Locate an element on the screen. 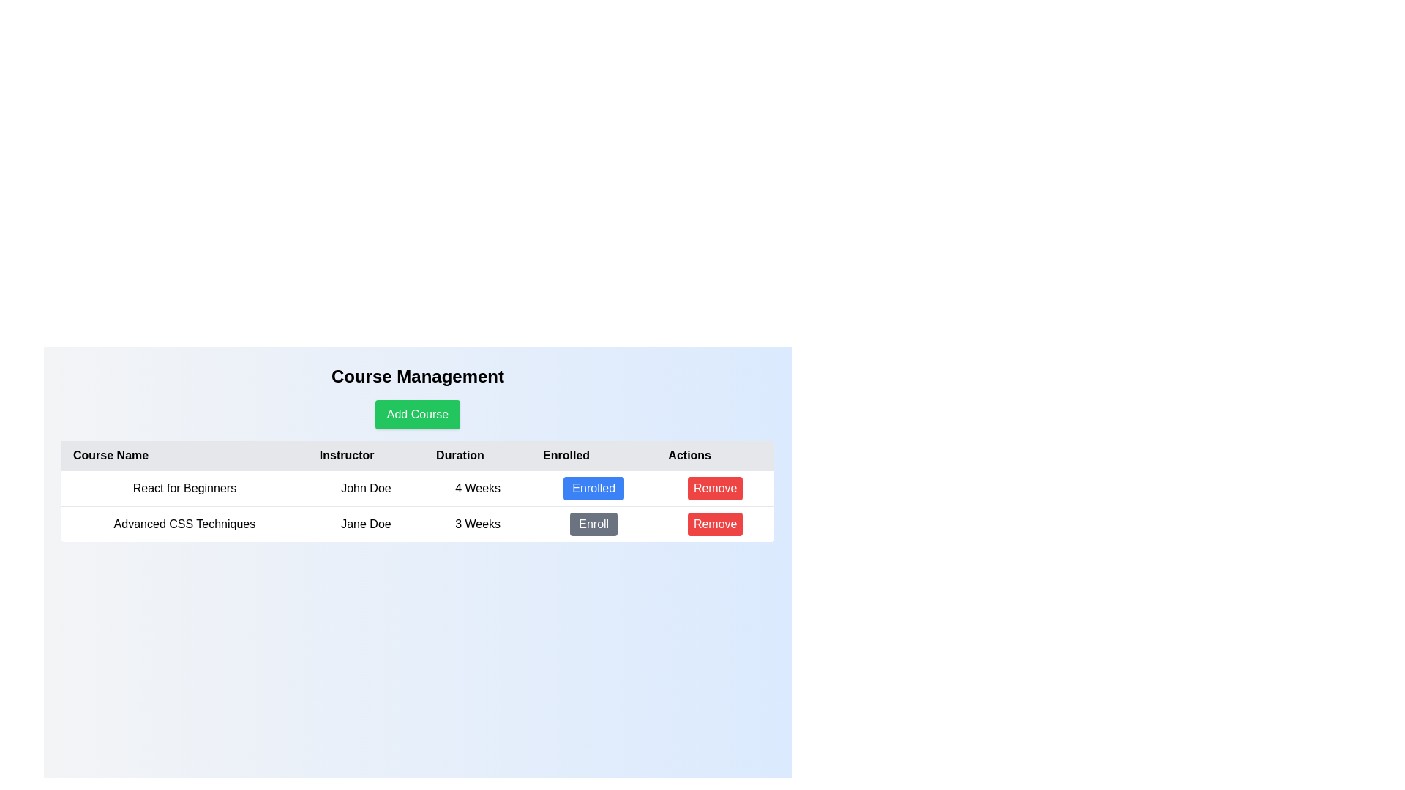 This screenshot has height=790, width=1405. the green 'Add Course' button located below the 'Course Management' title is located at coordinates (417, 415).